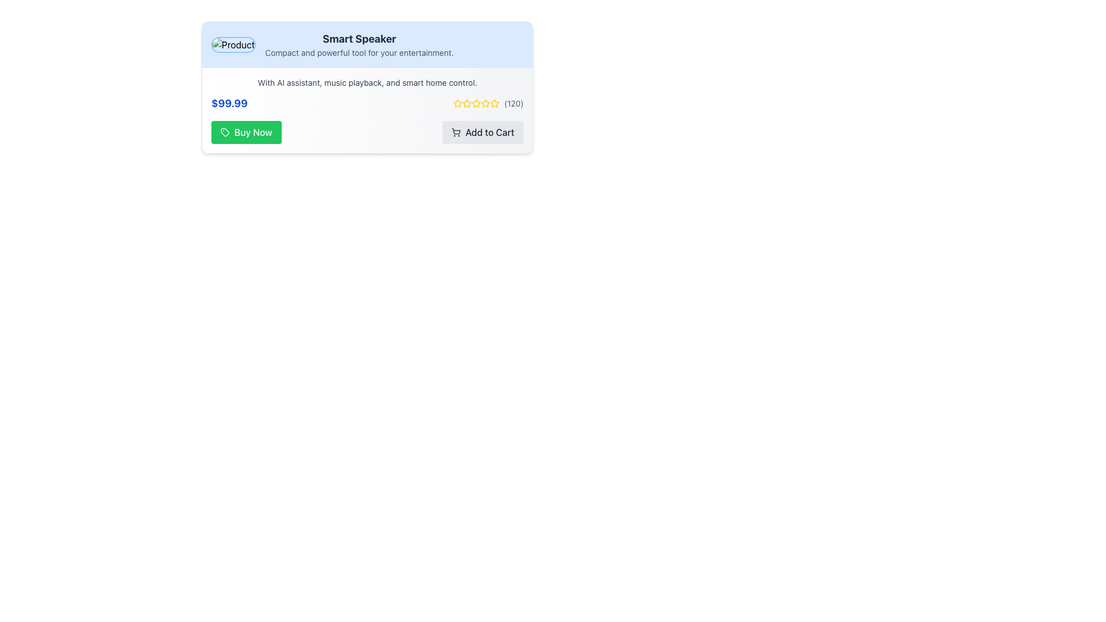 The image size is (1106, 622). What do you see at coordinates (476, 103) in the screenshot?
I see `the third star icon in the rating system` at bounding box center [476, 103].